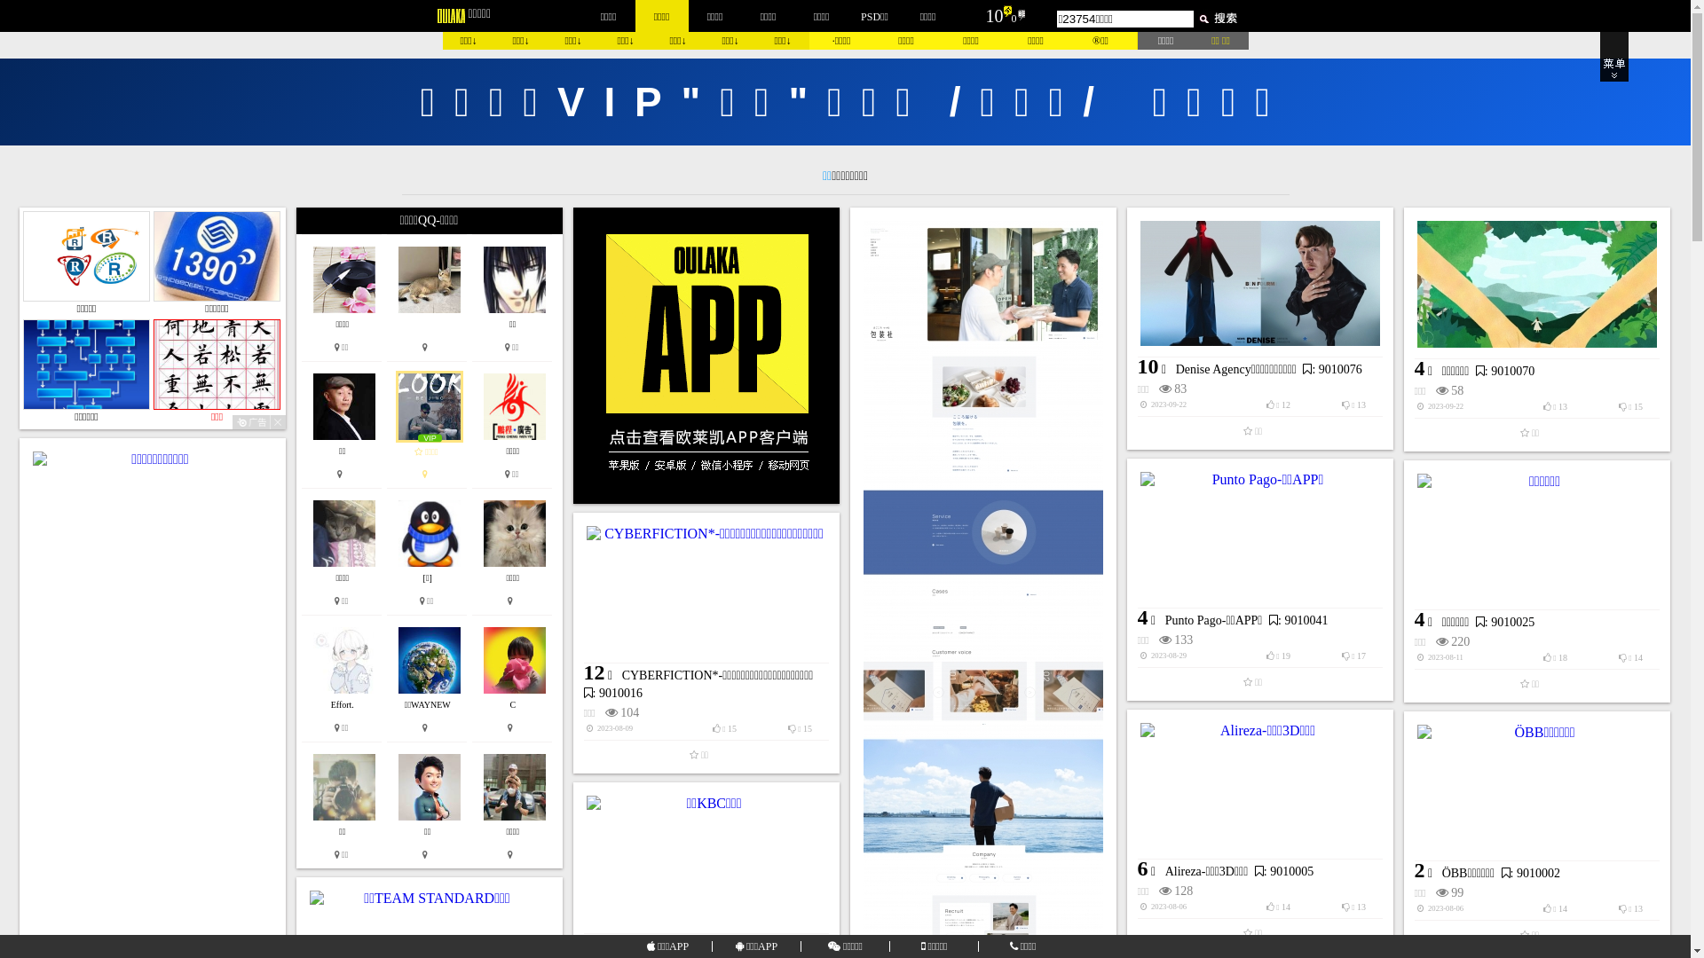  What do you see at coordinates (992, 16) in the screenshot?
I see `'10'` at bounding box center [992, 16].